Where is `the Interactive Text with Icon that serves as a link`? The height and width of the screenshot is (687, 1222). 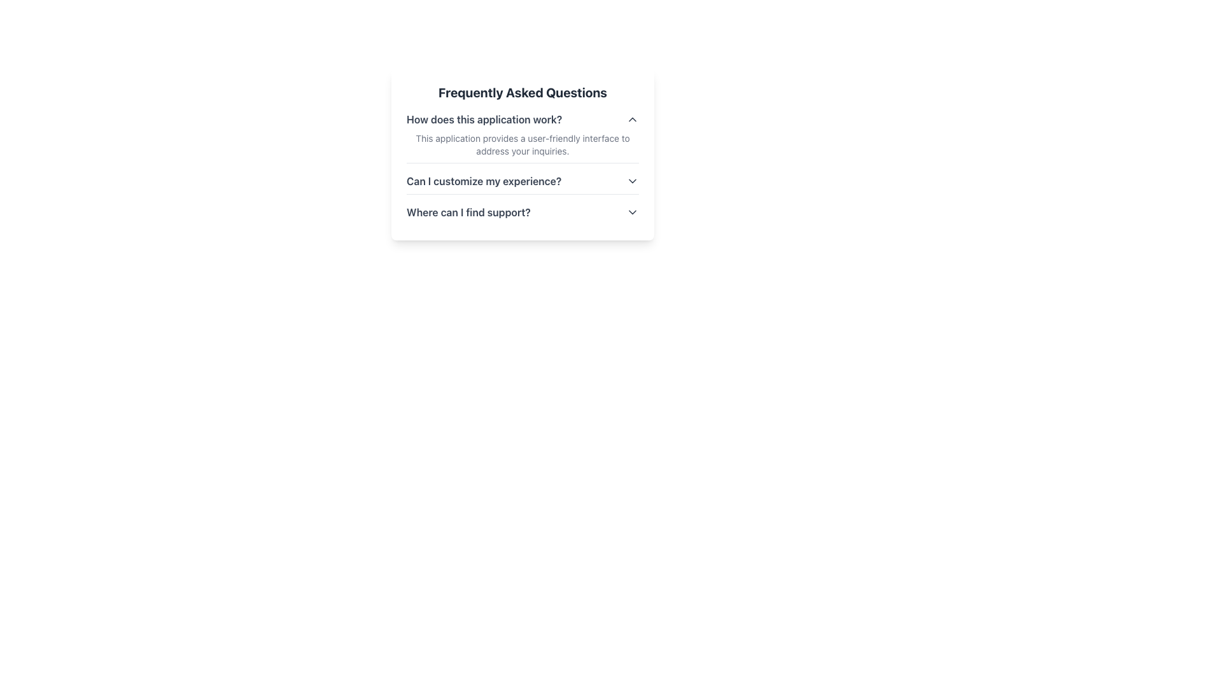 the Interactive Text with Icon that serves as a link is located at coordinates (523, 214).